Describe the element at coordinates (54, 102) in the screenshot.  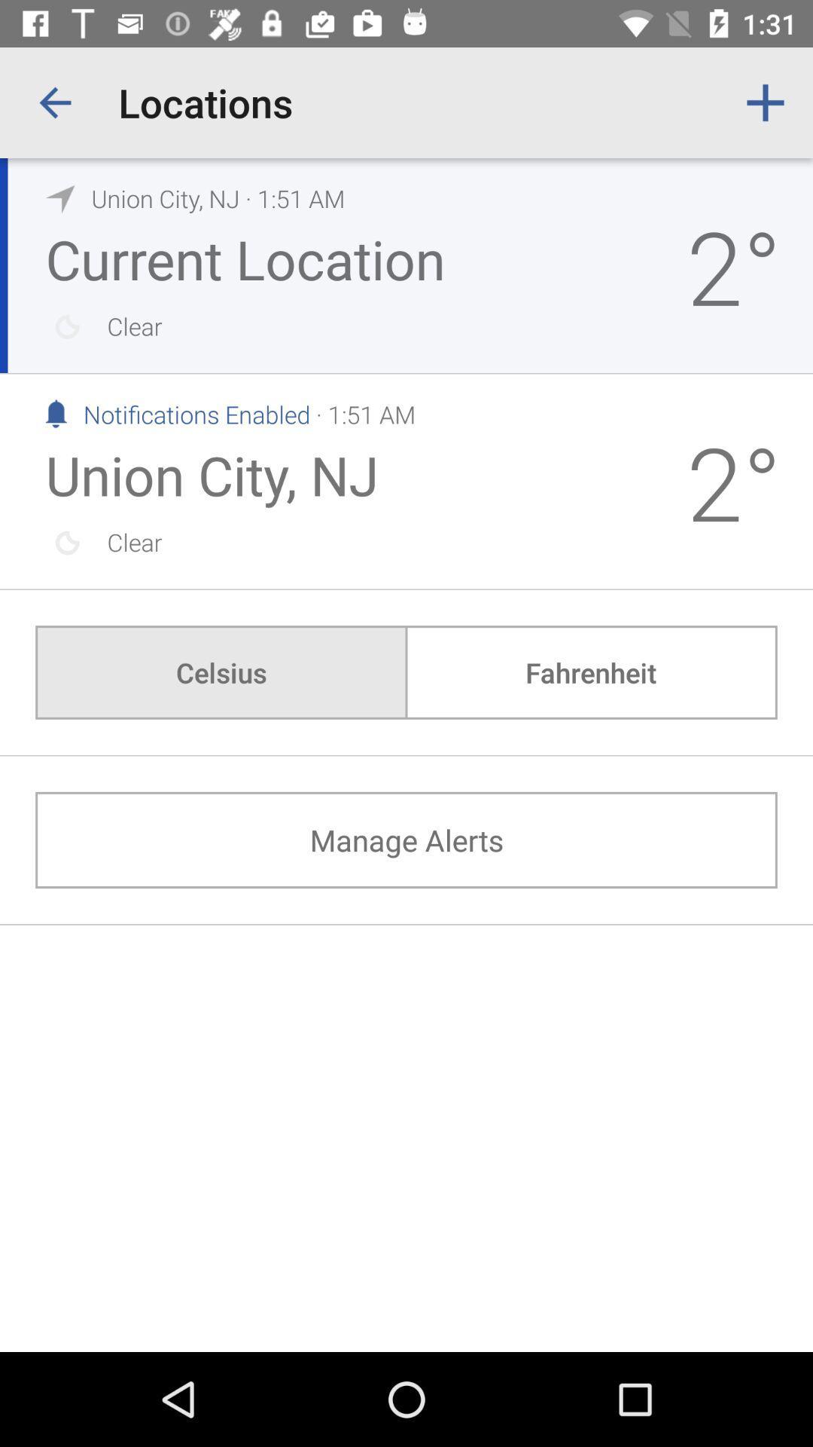
I see `the icon next to locations icon` at that location.